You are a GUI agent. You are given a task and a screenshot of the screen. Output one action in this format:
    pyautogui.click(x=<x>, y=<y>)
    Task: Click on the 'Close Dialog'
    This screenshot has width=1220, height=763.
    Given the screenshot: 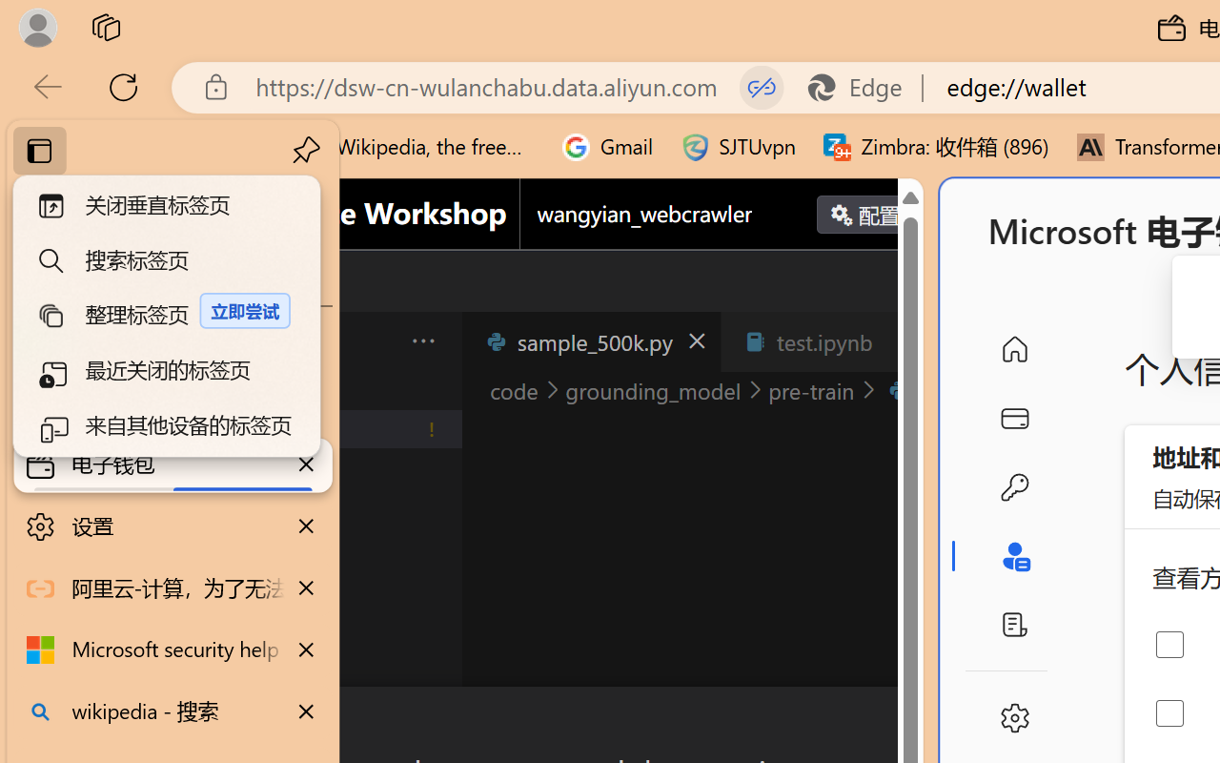 What is the action you would take?
    pyautogui.click(x=915, y=721)
    